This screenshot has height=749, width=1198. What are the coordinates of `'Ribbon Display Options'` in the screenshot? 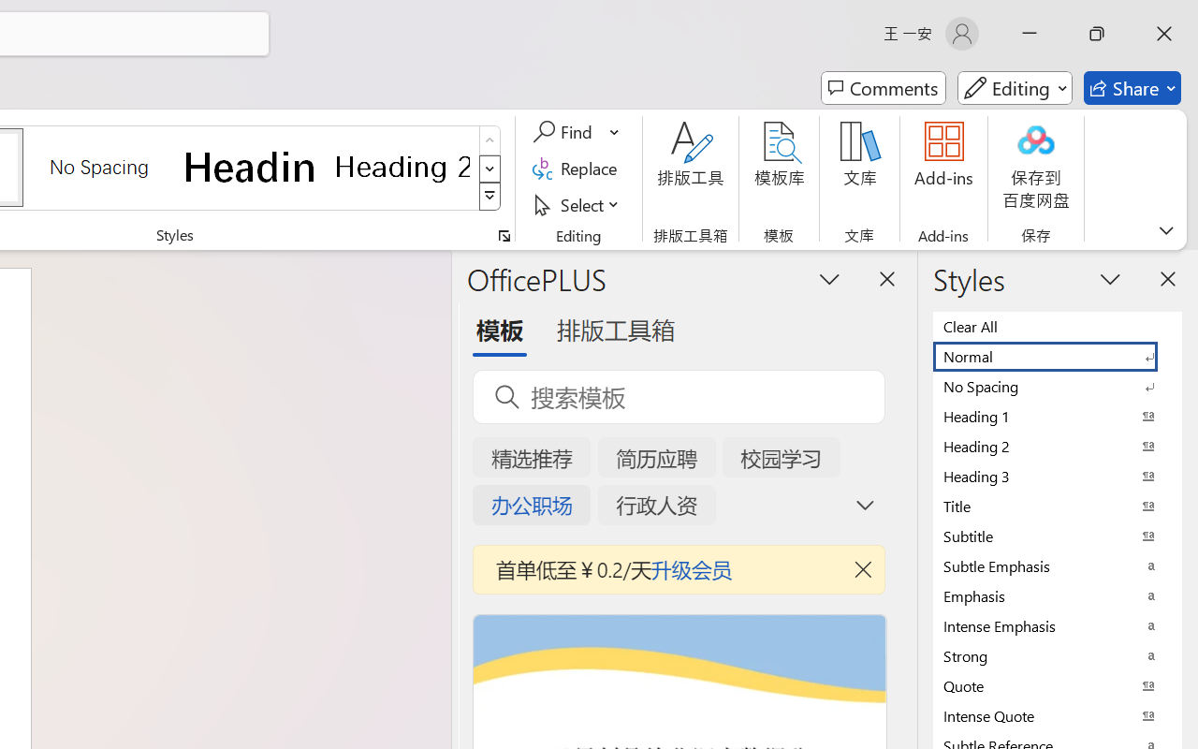 It's located at (1165, 229).